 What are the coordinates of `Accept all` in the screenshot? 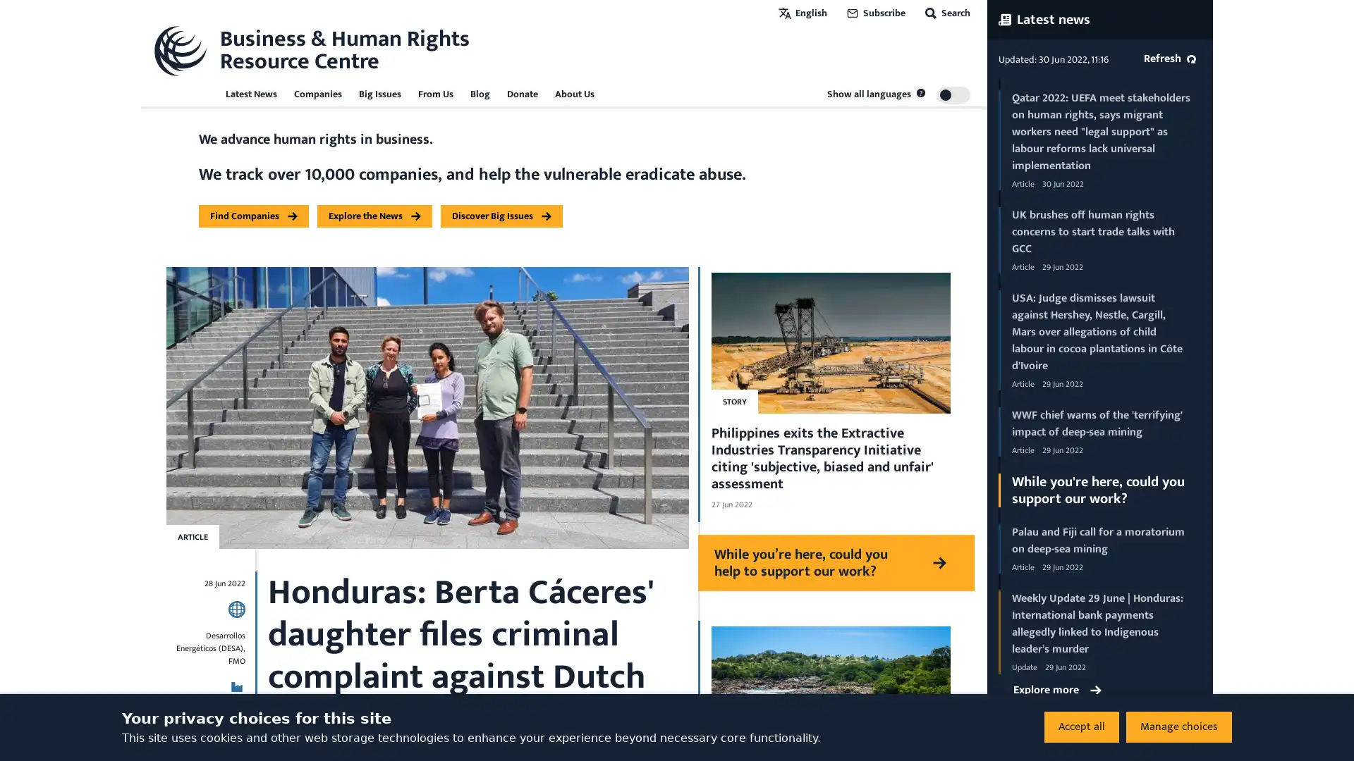 It's located at (1080, 727).